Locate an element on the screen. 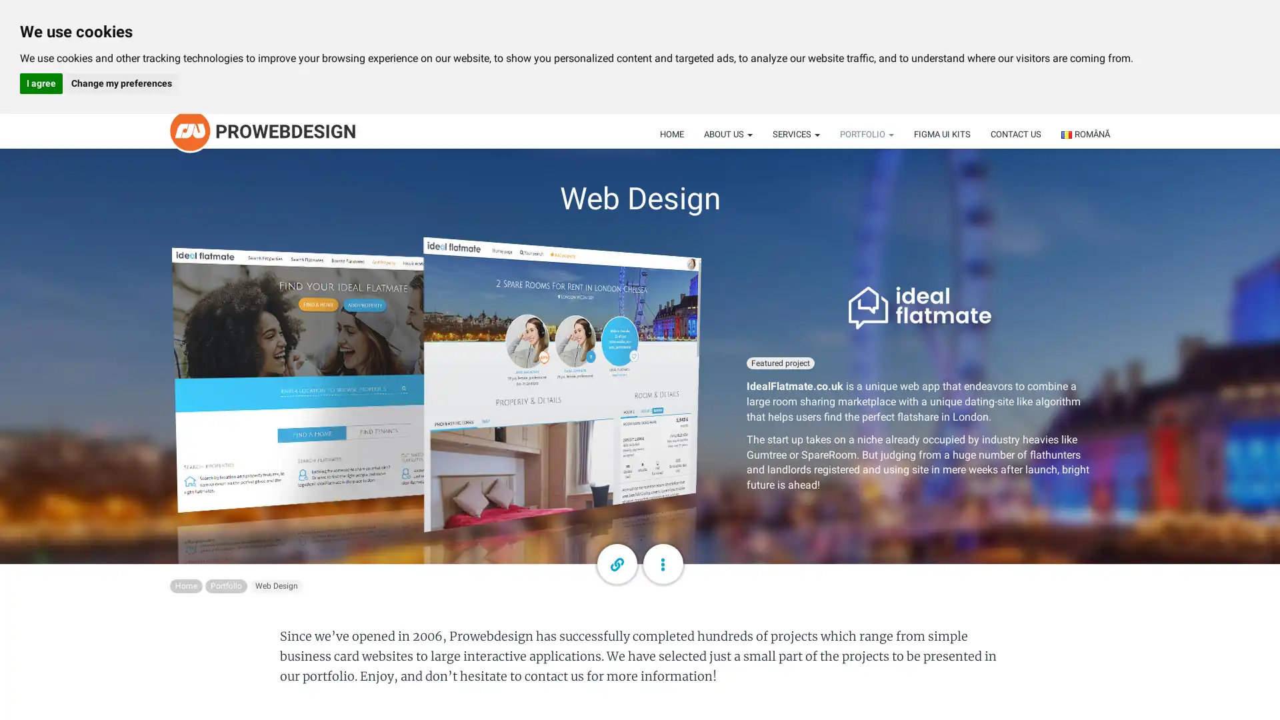  I agree is located at coordinates (41, 83).